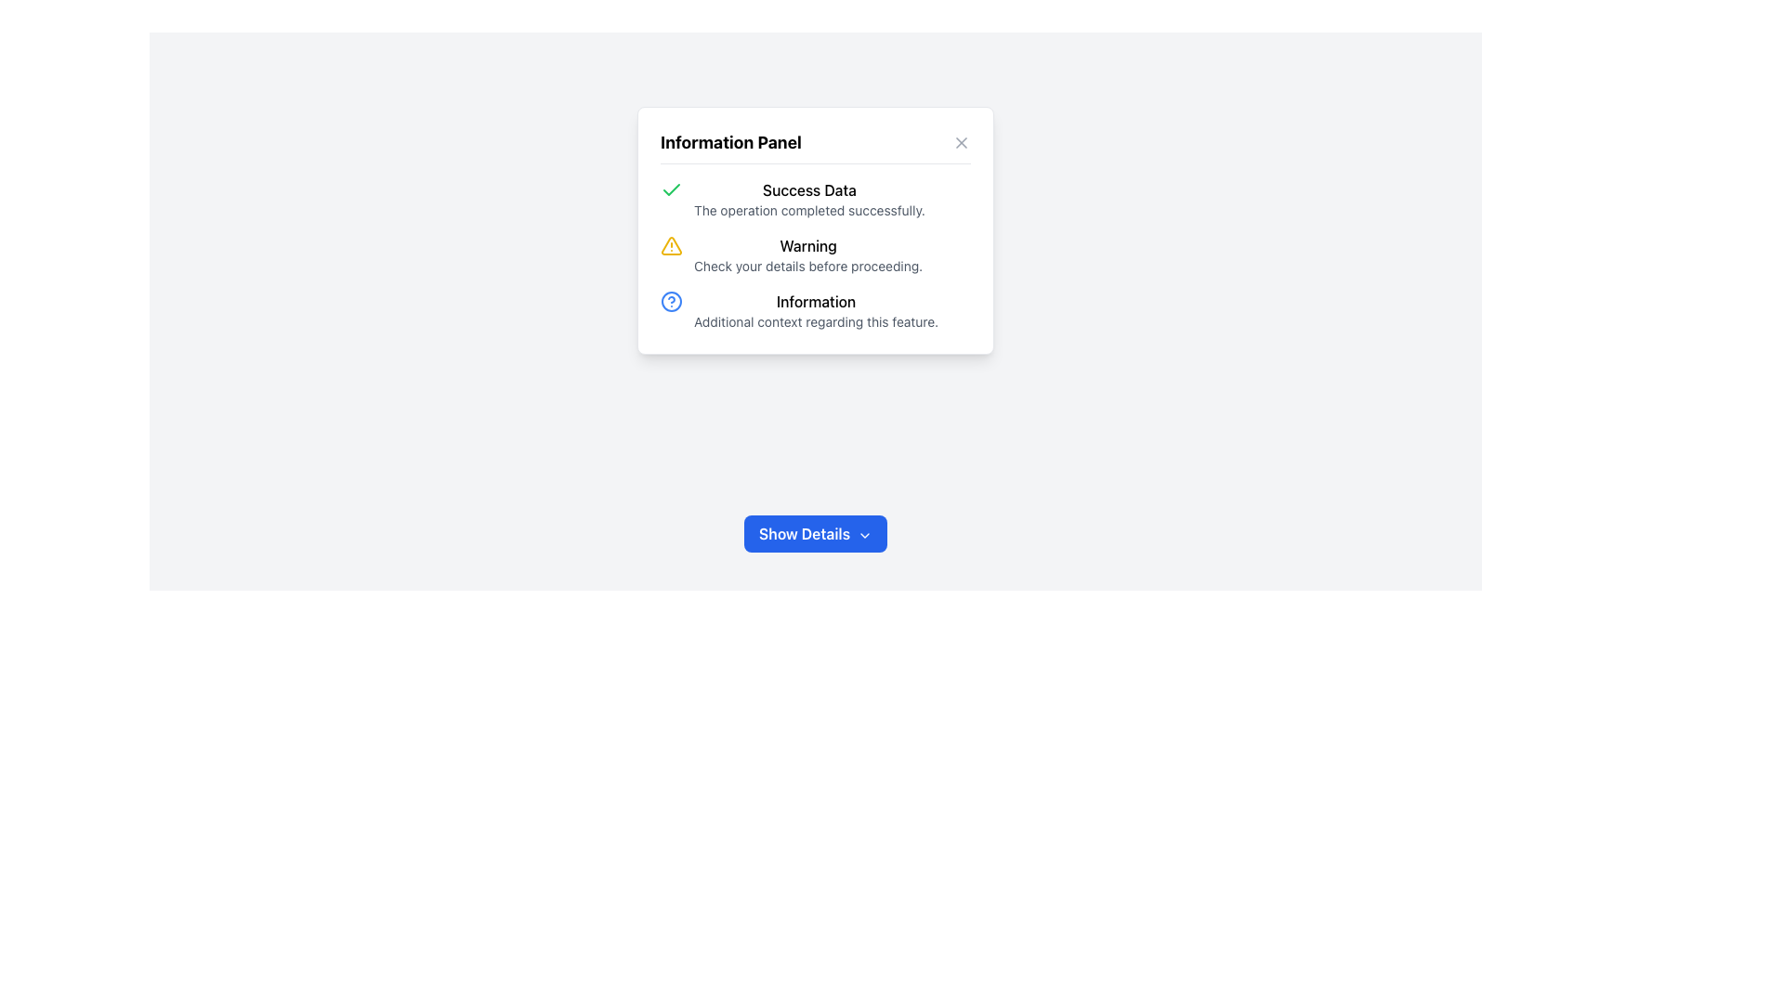 This screenshot has width=1784, height=1003. What do you see at coordinates (816, 533) in the screenshot?
I see `the 'Show Details' button at the bottom-center of the interface` at bounding box center [816, 533].